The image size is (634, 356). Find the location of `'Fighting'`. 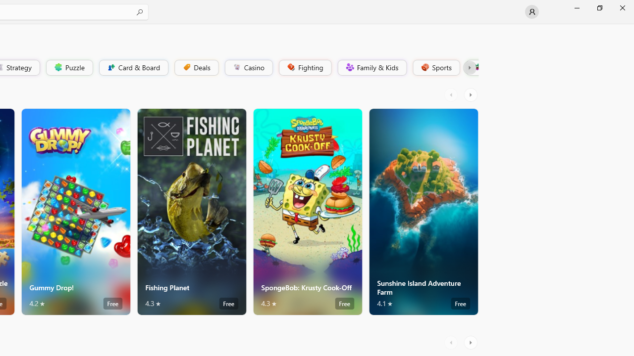

'Fighting' is located at coordinates (304, 67).